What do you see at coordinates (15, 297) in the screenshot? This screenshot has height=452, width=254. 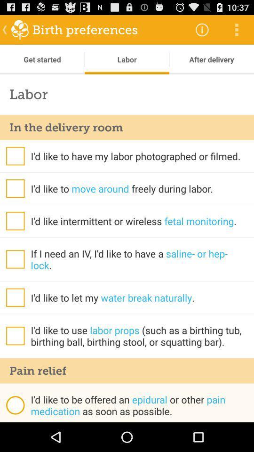 I see `option` at bounding box center [15, 297].